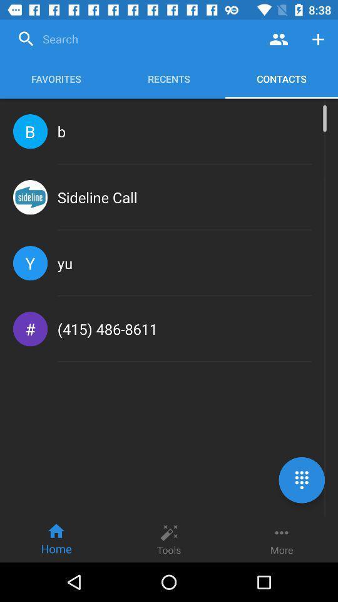  I want to click on item above the favorites, so click(135, 39).